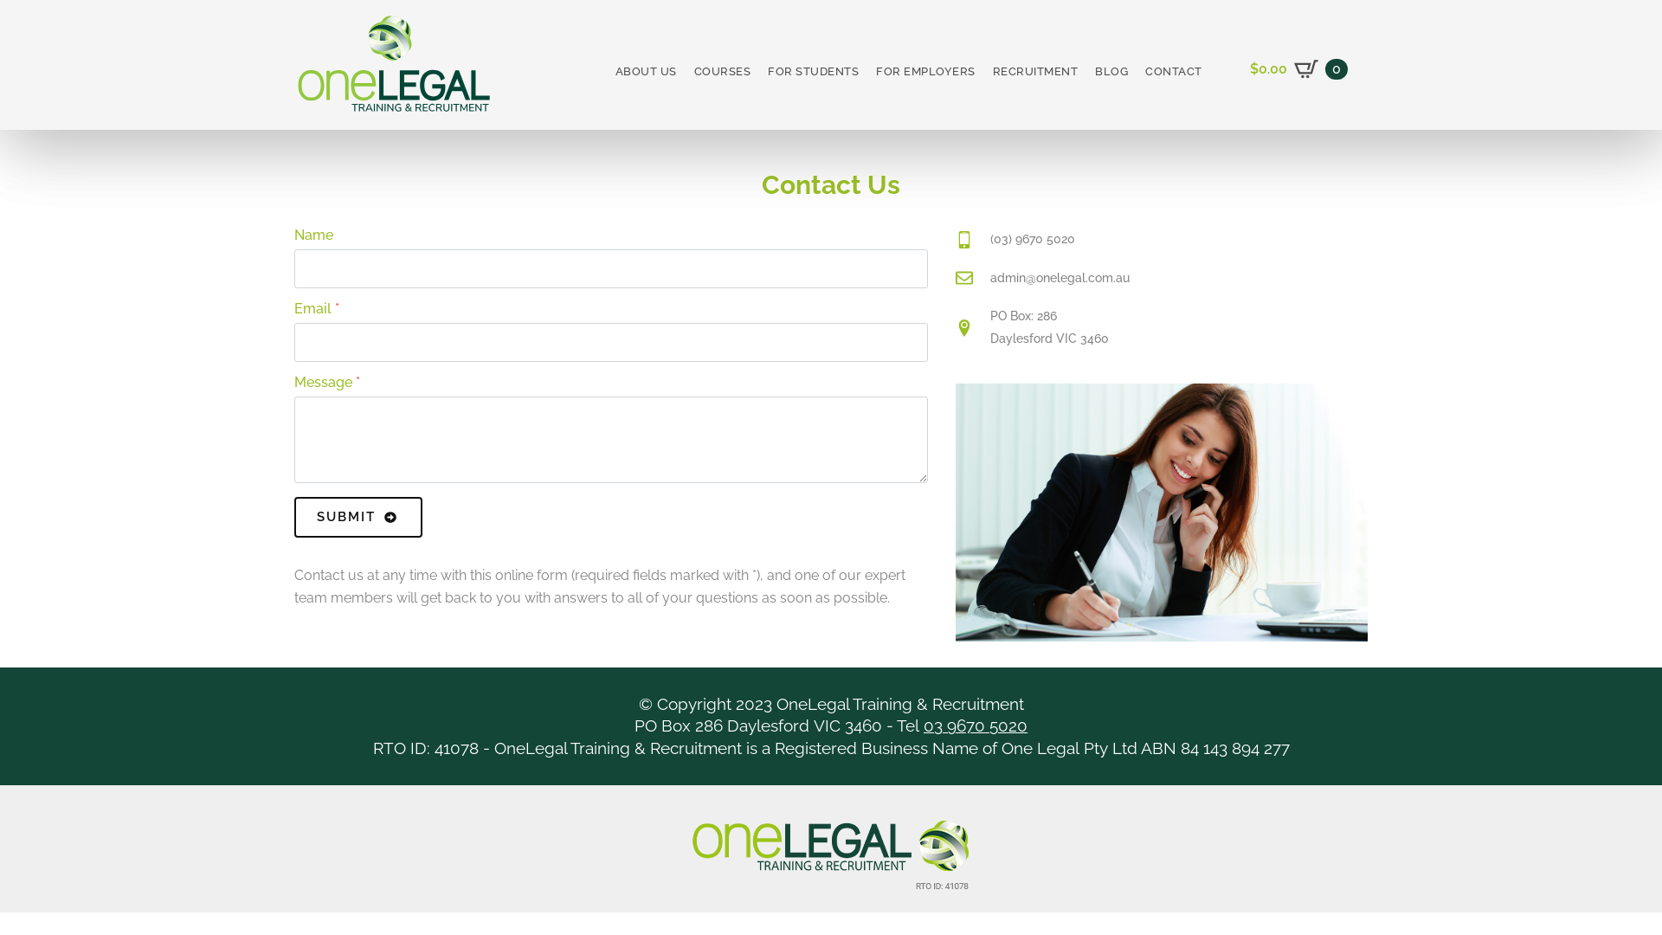 The width and height of the screenshot is (1662, 935). I want to click on 'CONTACT', so click(1137, 70).